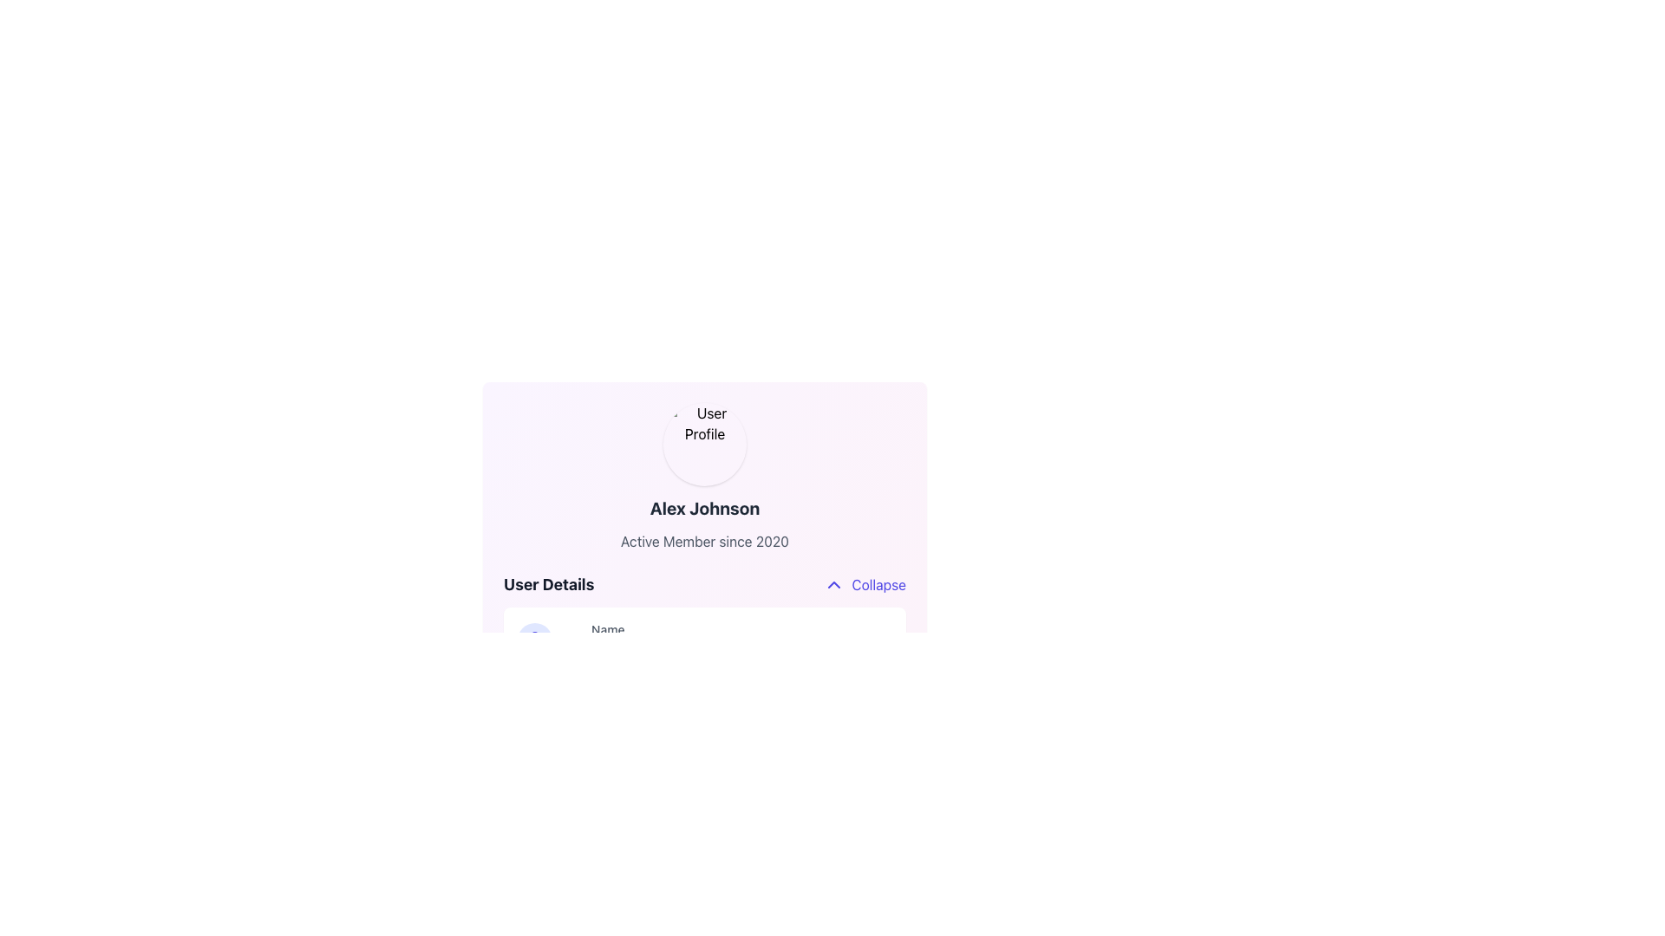  Describe the element at coordinates (865, 585) in the screenshot. I see `the interactive text link labeled 'Collapse' with an upward arrow icon, located in the top-right corner of the header section next to 'User Details'` at that location.